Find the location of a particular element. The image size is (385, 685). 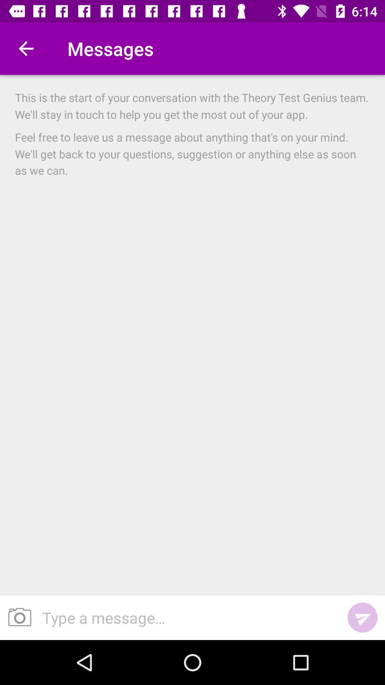

the icon below feel free to icon is located at coordinates (187, 617).